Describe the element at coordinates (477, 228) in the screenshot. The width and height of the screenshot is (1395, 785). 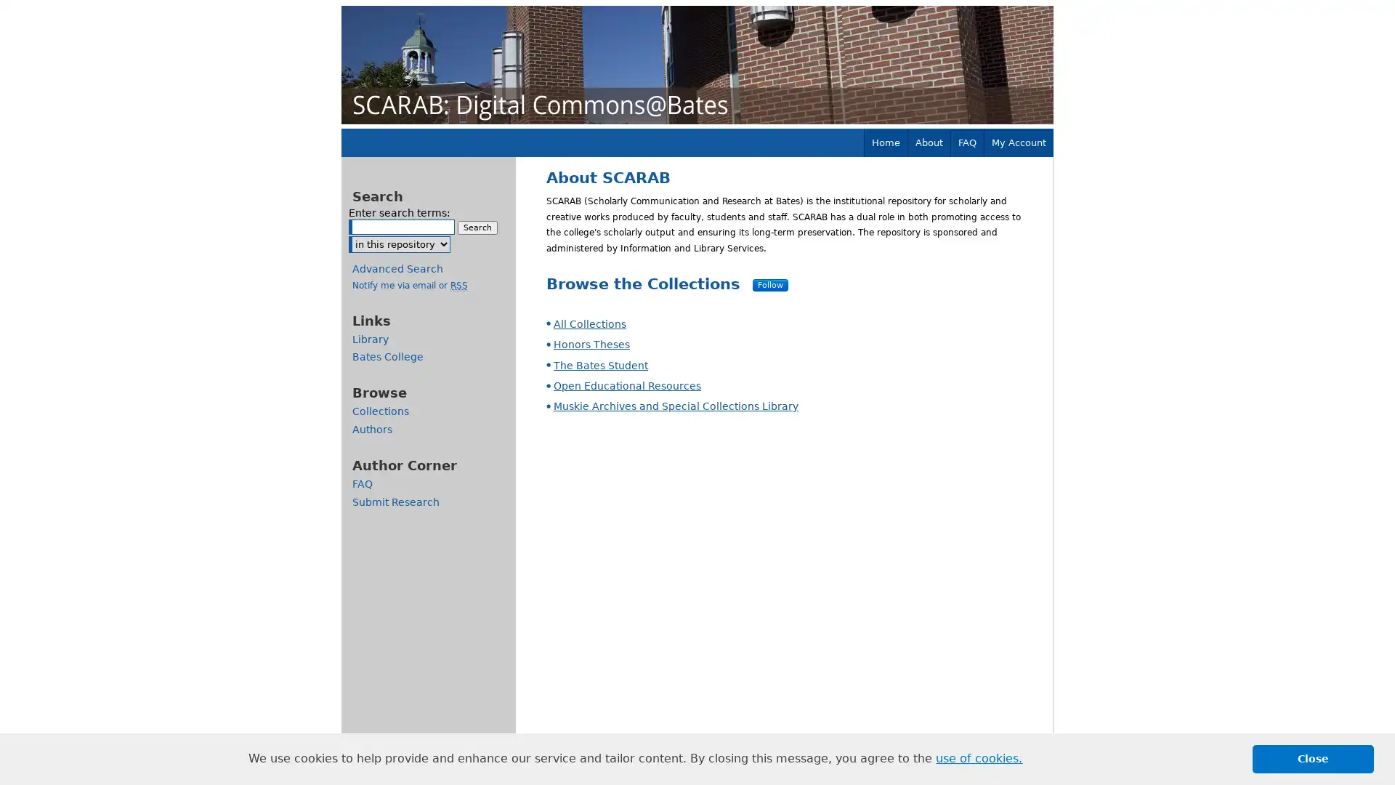
I see `Search` at that location.